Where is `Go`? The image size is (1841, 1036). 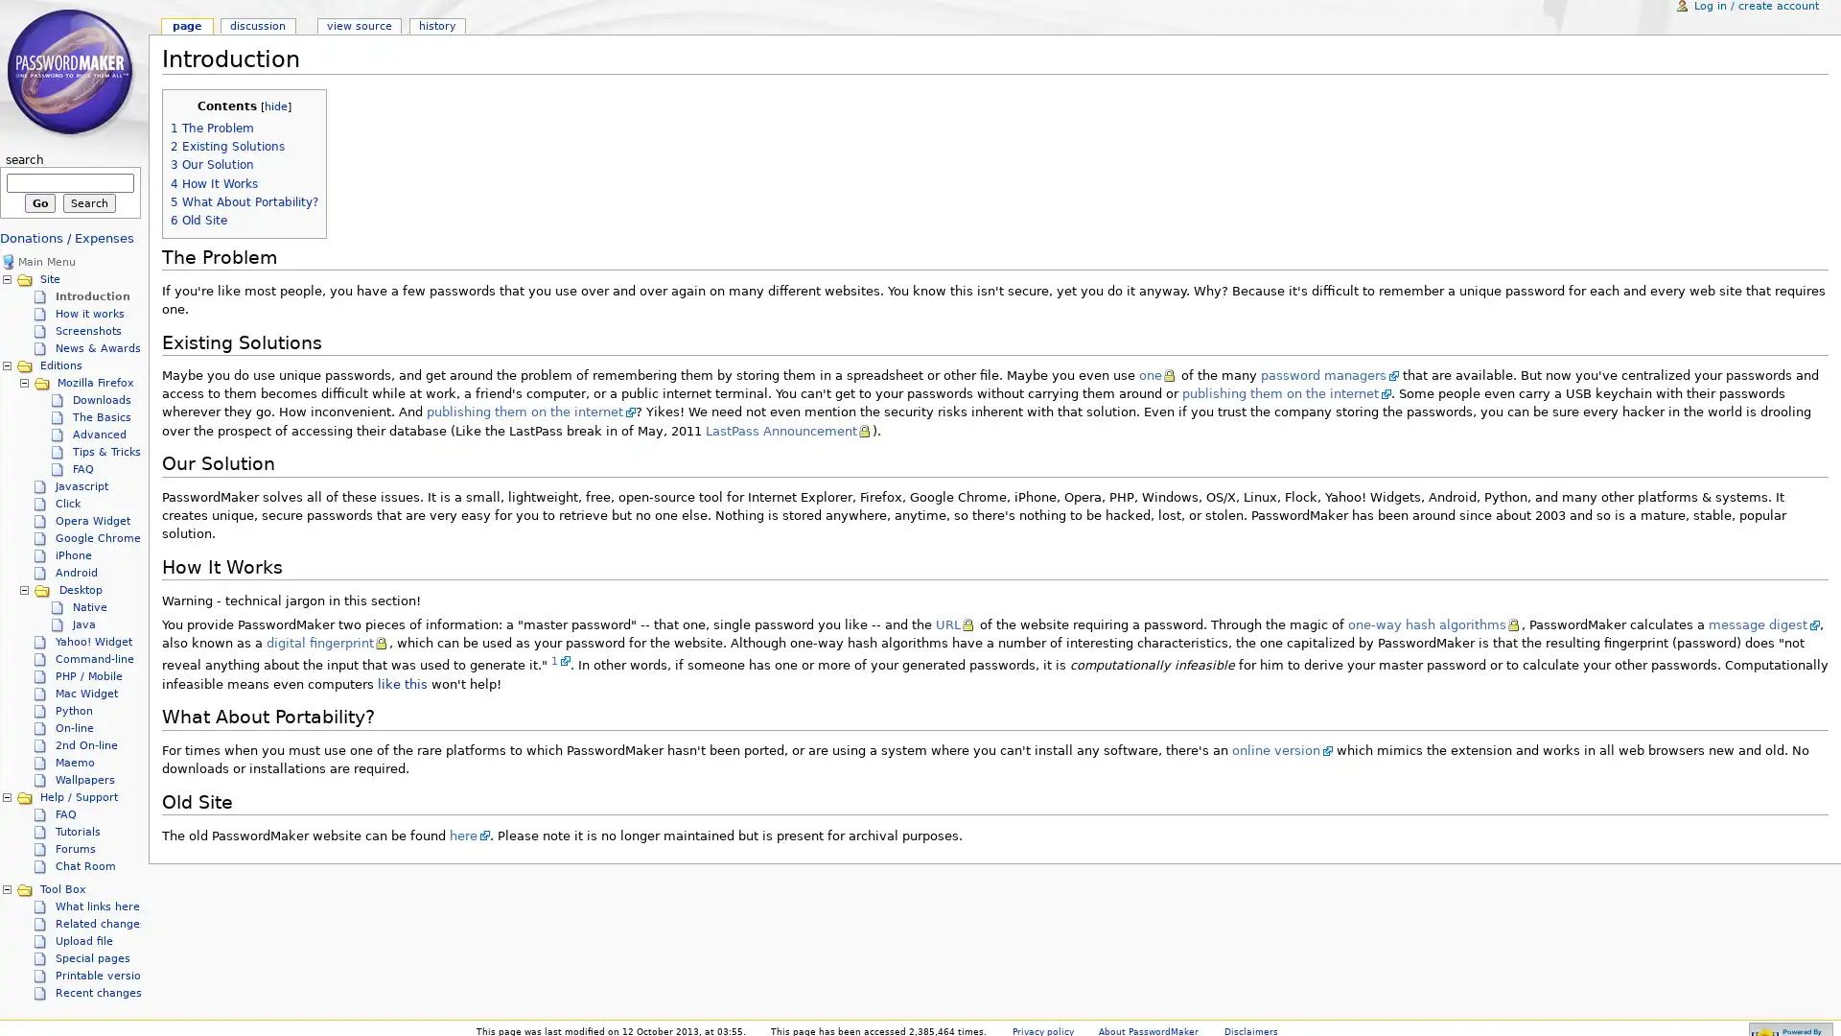 Go is located at coordinates (39, 203).